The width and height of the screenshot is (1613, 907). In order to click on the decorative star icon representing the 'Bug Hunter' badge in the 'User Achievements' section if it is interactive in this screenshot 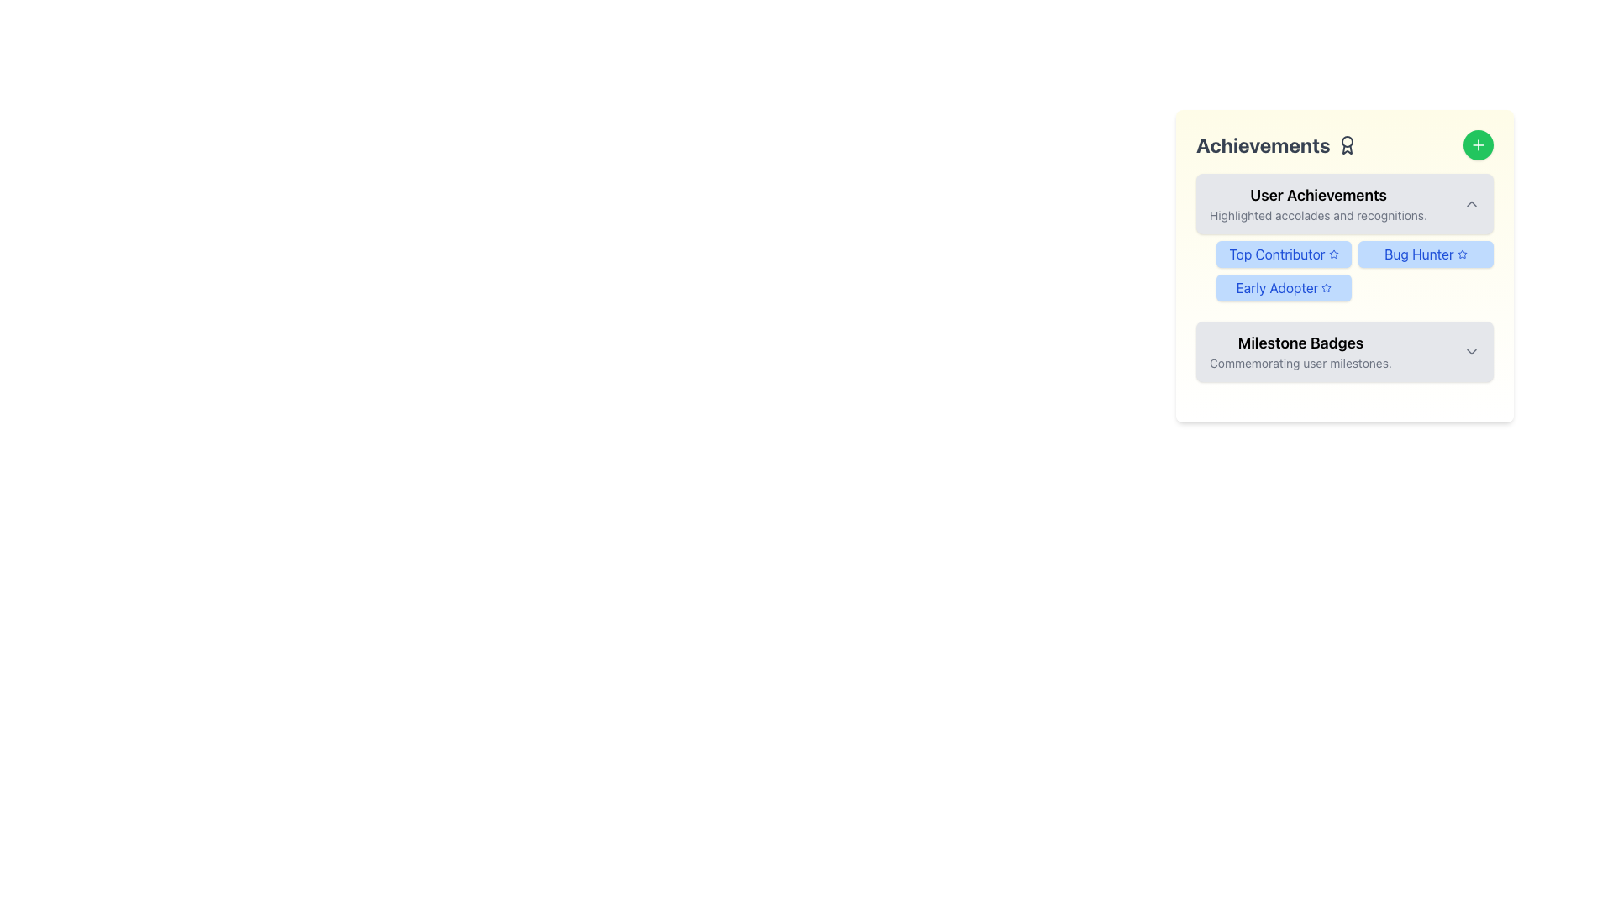, I will do `click(1460, 253)`.